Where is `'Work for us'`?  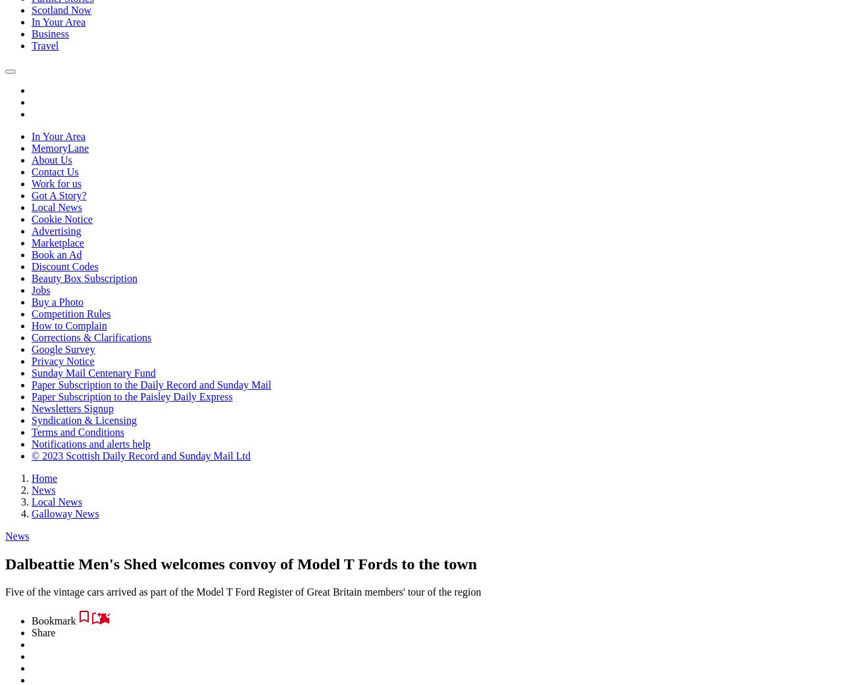 'Work for us' is located at coordinates (32, 183).